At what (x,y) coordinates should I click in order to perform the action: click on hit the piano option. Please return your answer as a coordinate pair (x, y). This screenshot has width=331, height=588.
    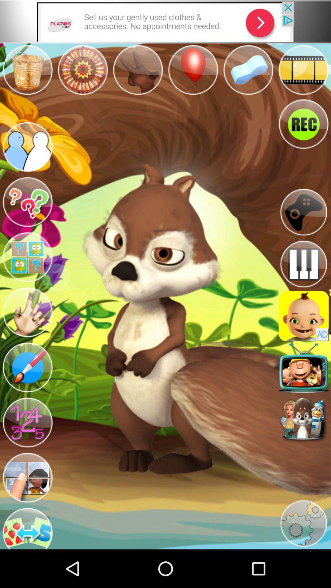
    Looking at the image, I should click on (303, 264).